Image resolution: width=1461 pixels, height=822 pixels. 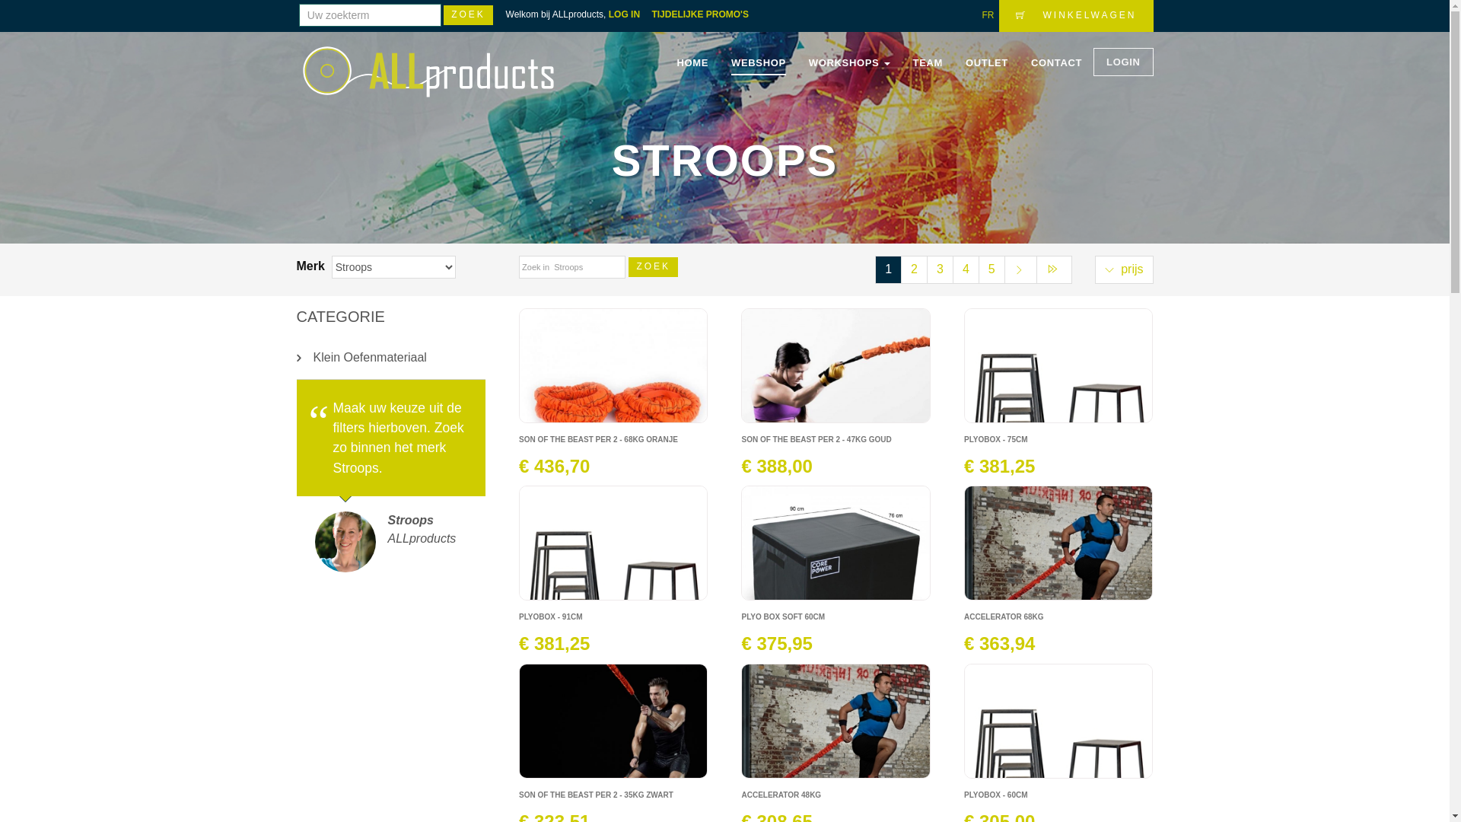 What do you see at coordinates (939, 269) in the screenshot?
I see `'3'` at bounding box center [939, 269].